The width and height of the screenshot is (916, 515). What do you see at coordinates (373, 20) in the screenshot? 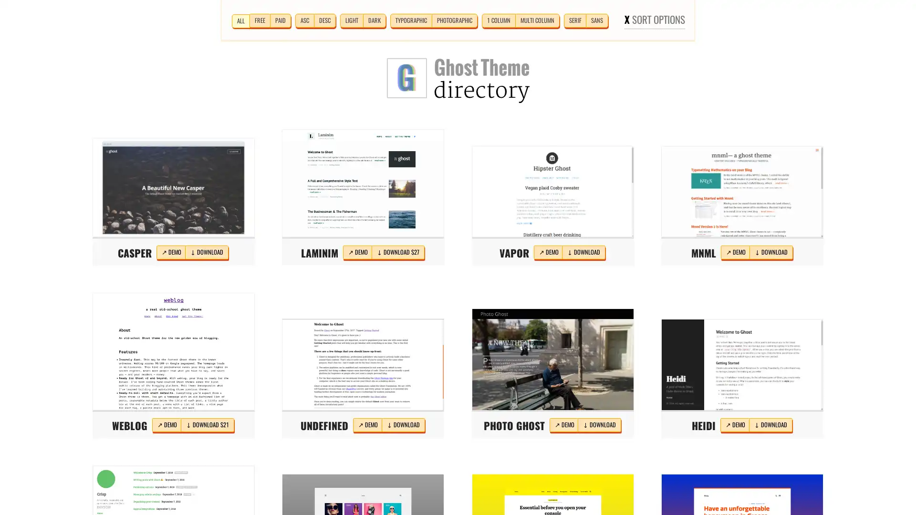
I see `DARK` at bounding box center [373, 20].